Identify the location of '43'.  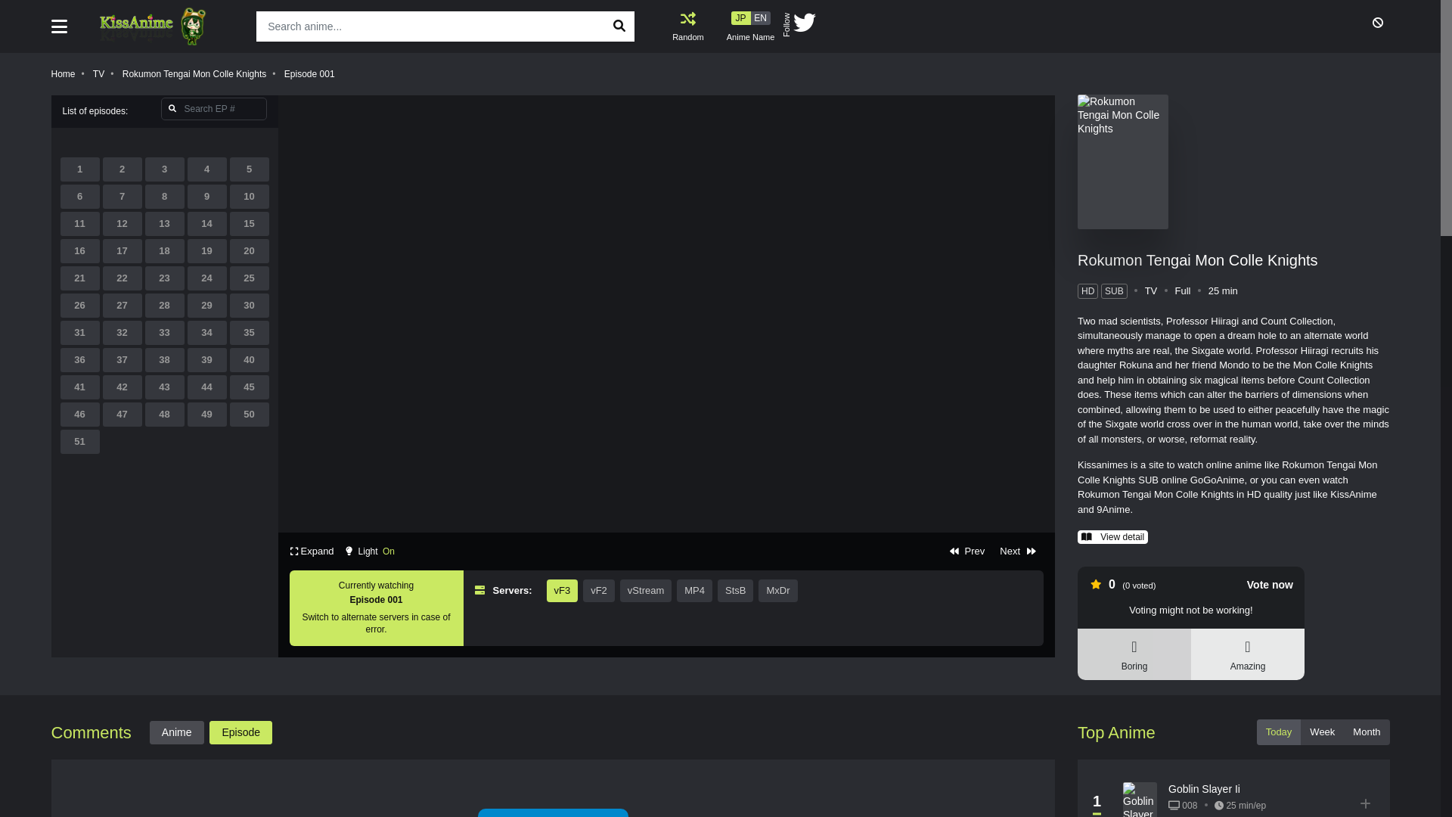
(164, 387).